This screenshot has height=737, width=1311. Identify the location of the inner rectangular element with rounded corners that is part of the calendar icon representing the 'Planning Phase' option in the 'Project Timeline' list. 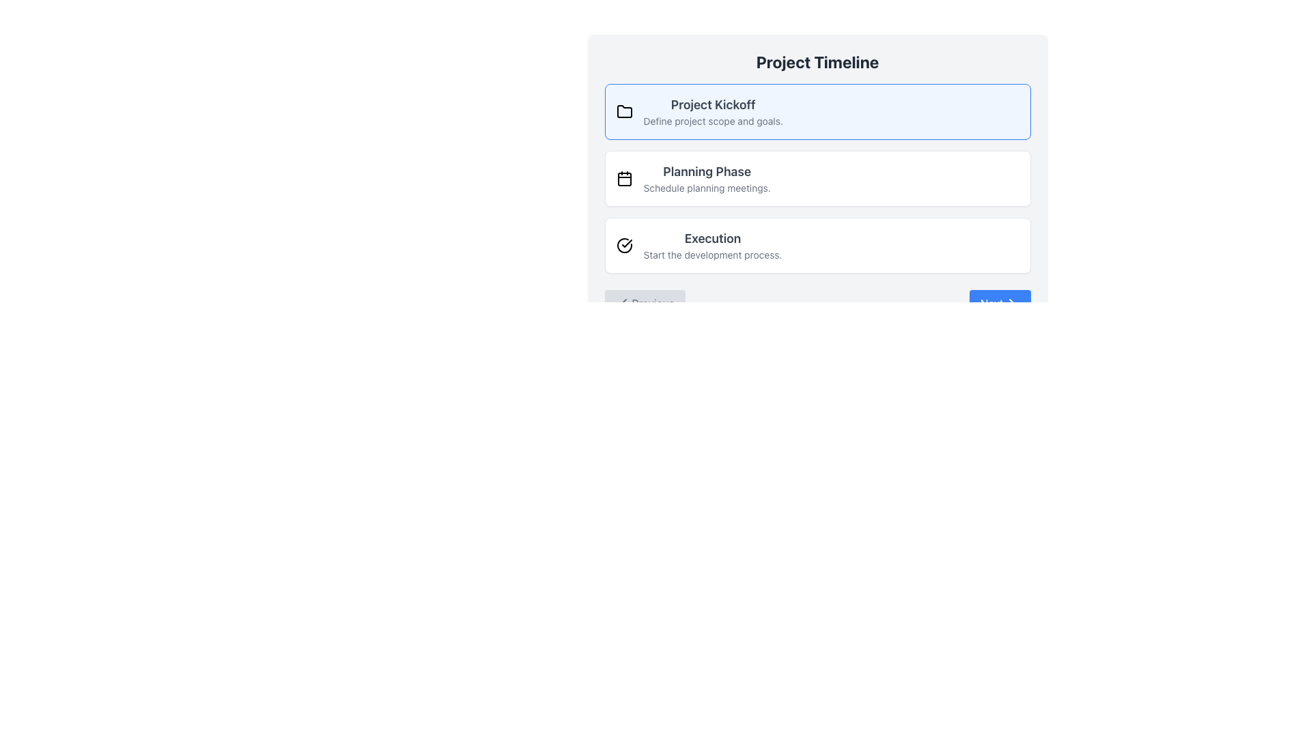
(623, 178).